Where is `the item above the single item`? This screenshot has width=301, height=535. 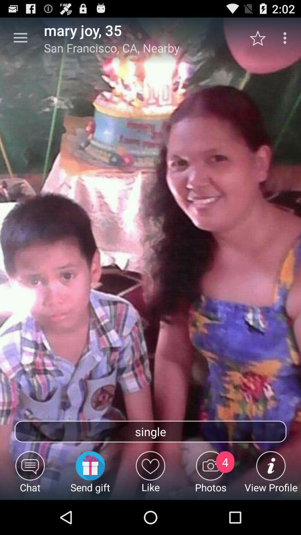
the item above the single item is located at coordinates (261, 38).